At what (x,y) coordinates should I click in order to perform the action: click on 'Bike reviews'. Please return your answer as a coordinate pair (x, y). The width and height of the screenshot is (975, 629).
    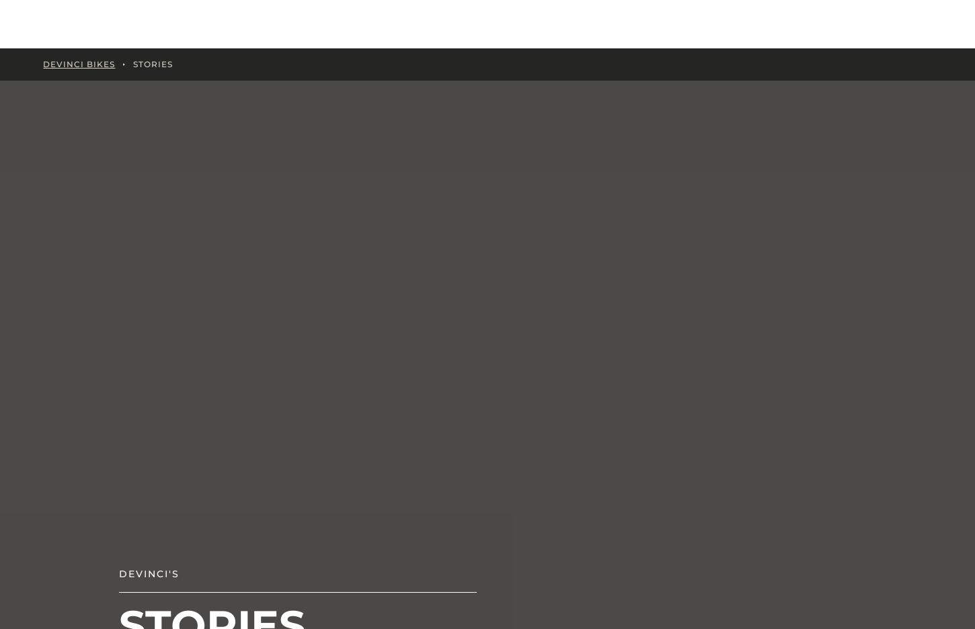
    Looking at the image, I should click on (320, 368).